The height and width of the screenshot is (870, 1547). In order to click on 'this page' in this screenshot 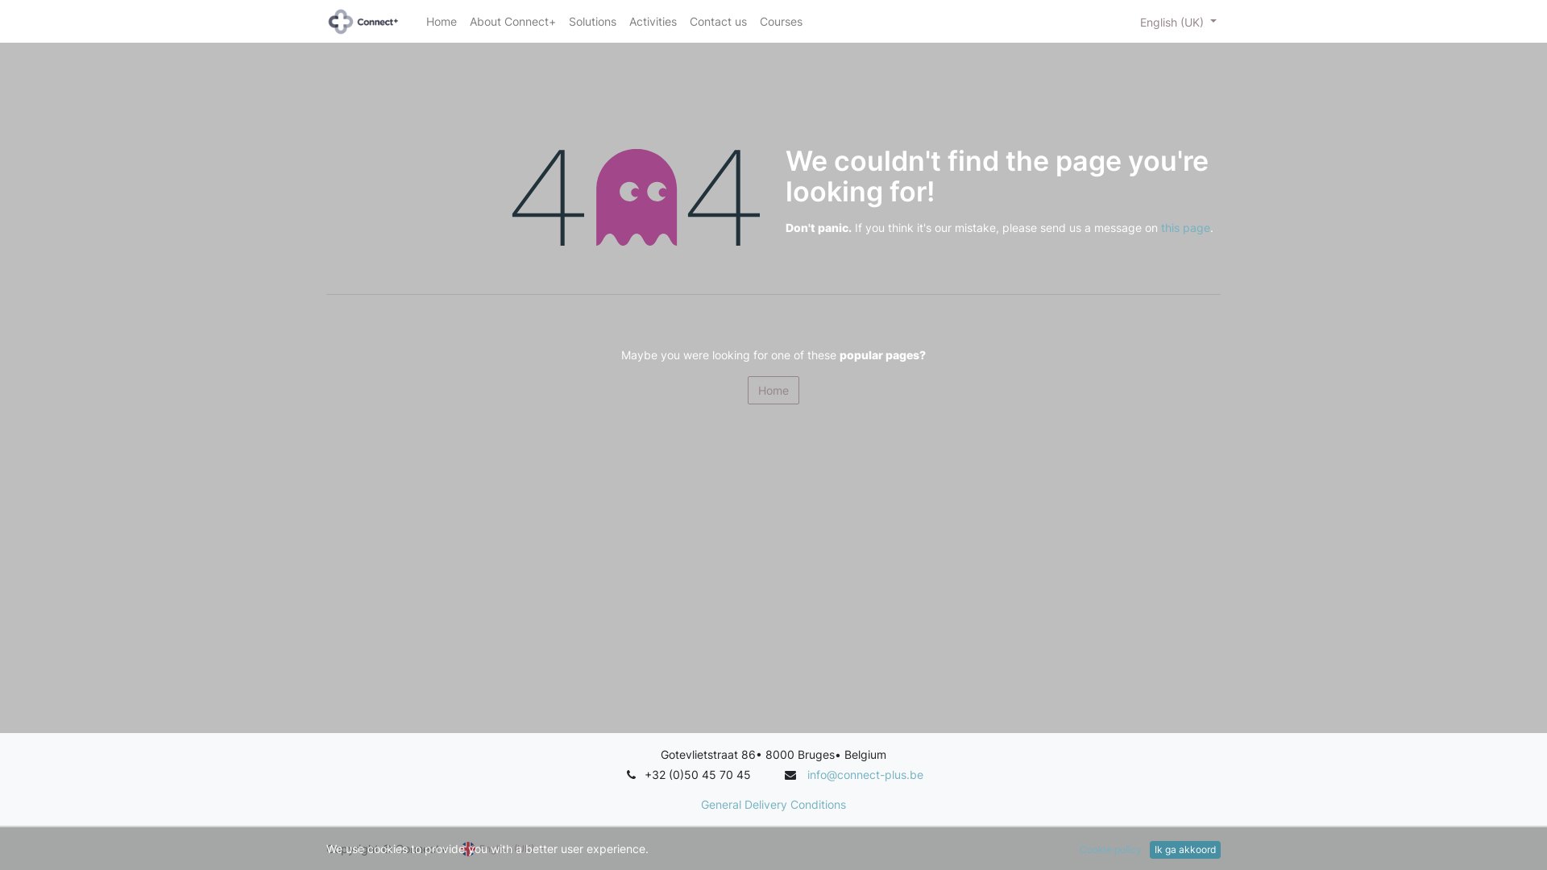, I will do `click(1160, 227)`.